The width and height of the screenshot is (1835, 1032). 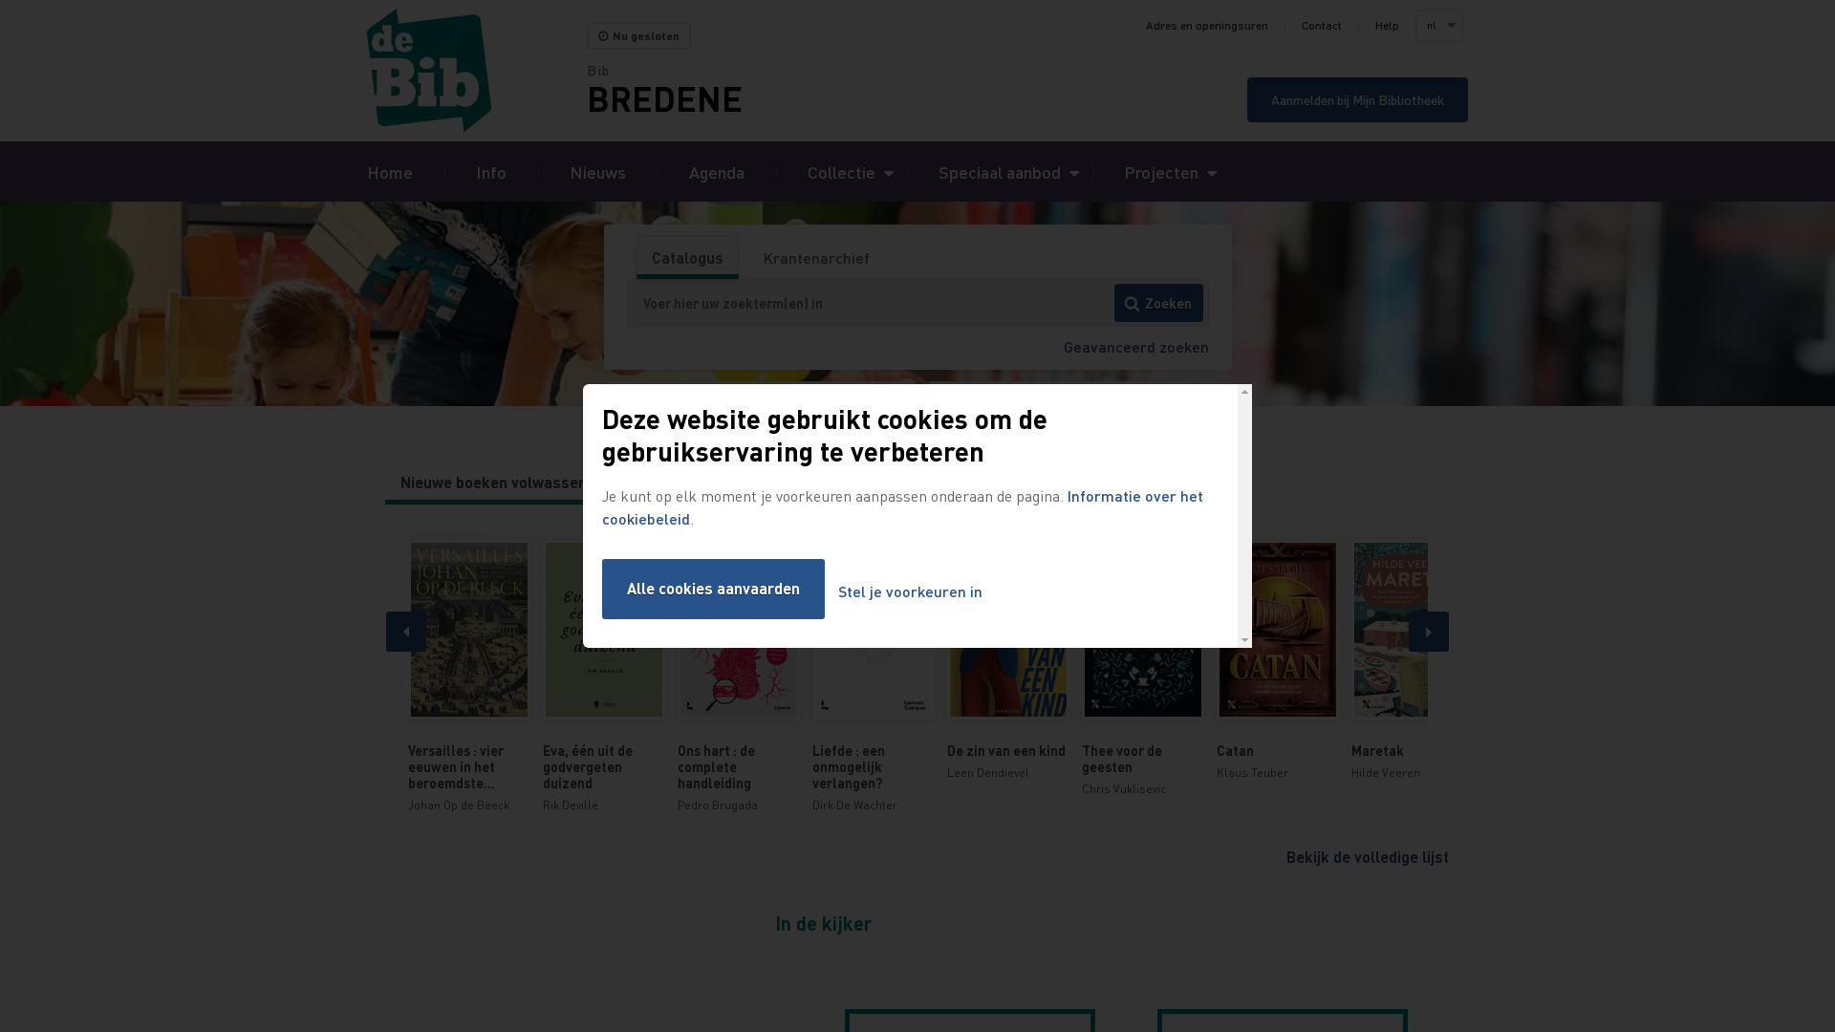 What do you see at coordinates (872, 676) in the screenshot?
I see `'Liefde : een onmogelijk verlangen?` at bounding box center [872, 676].